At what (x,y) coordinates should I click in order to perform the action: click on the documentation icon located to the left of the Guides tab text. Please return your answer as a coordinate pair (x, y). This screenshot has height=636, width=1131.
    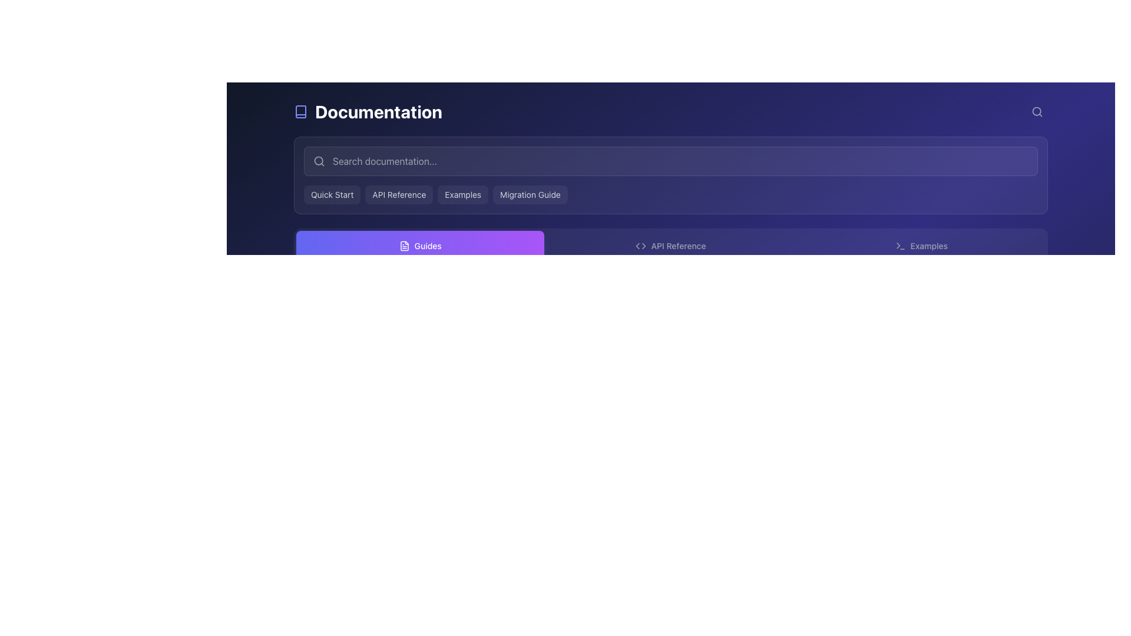
    Looking at the image, I should click on (404, 245).